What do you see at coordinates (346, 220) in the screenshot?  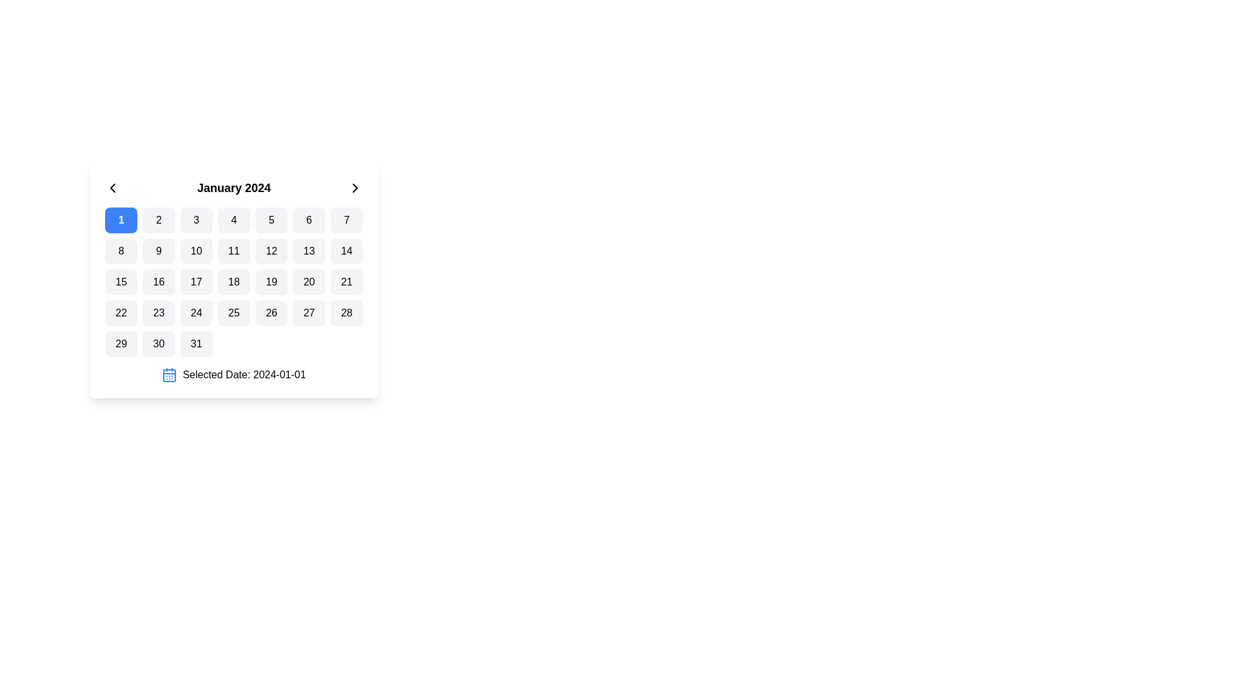 I see `the interactive calendar day cell representing the date '7', located in the first row of the calendar grid` at bounding box center [346, 220].